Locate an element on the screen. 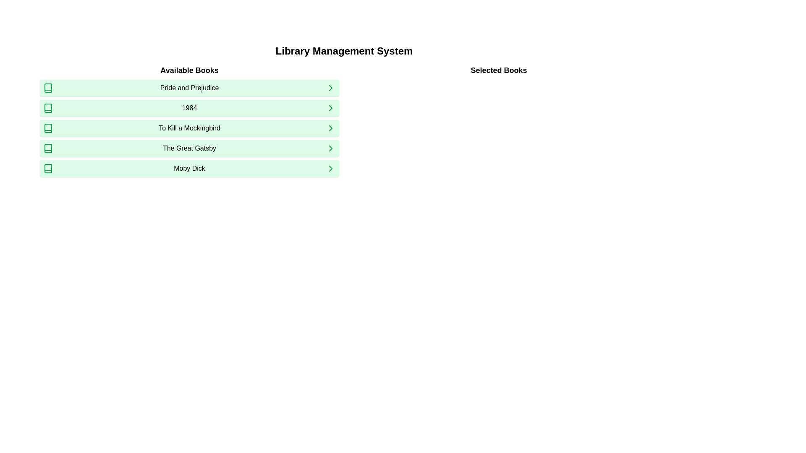 The width and height of the screenshot is (806, 453). the rightward-pointing chevron icon with a thin green stroke located on a light green background, positioned at the far right of the row containing 'To Kill a Mockingbird' in the 'Available Books' column is located at coordinates (330, 128).